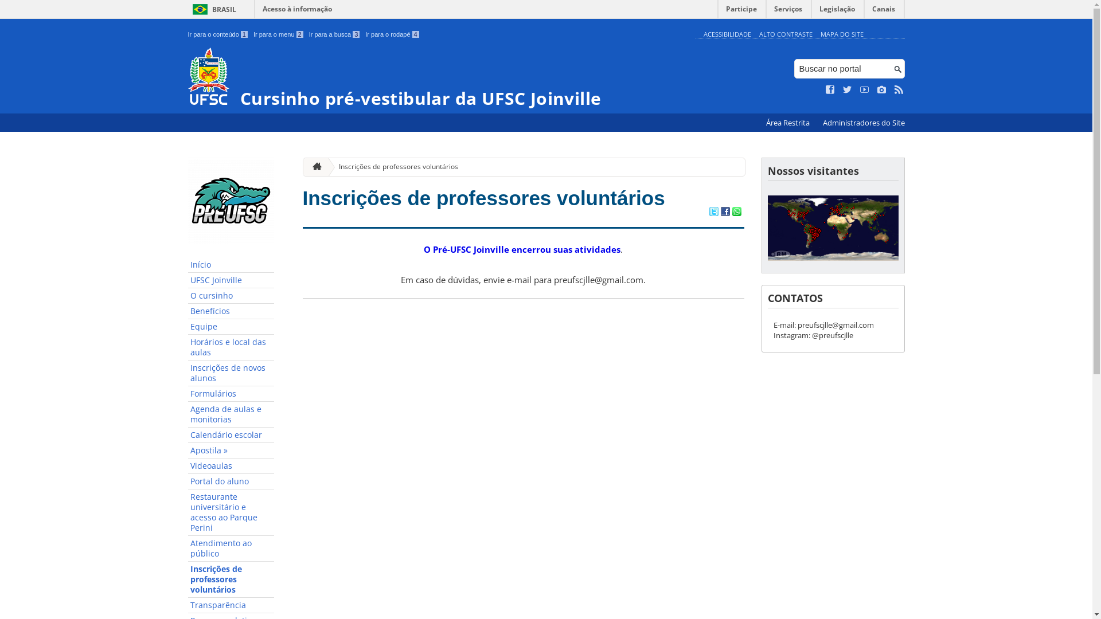  What do you see at coordinates (231, 414) in the screenshot?
I see `'Agenda de aulas e monitorias'` at bounding box center [231, 414].